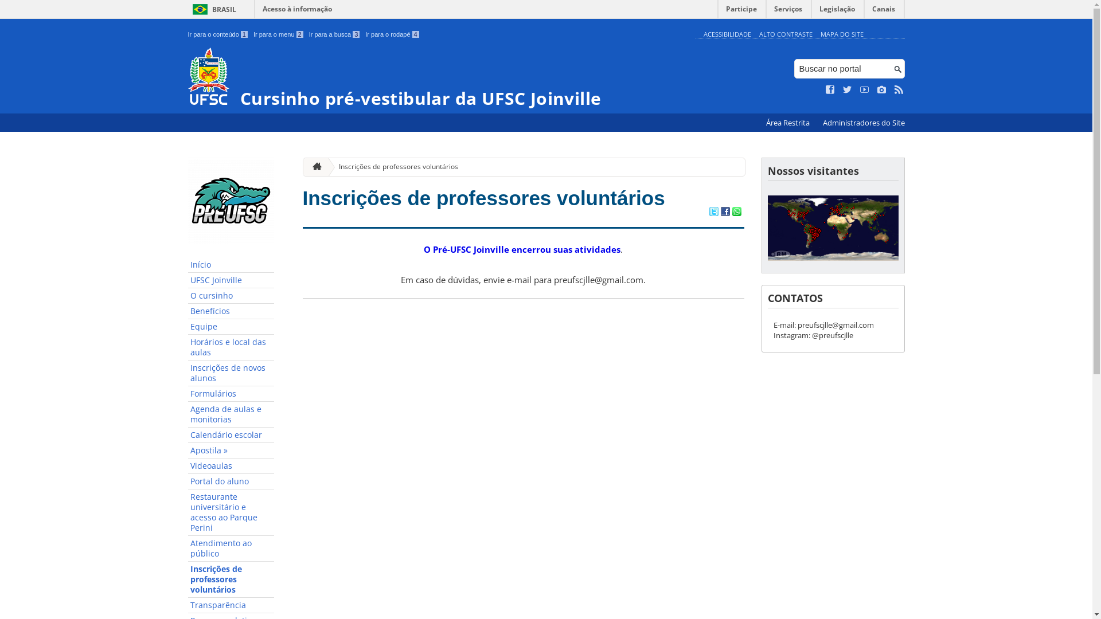  What do you see at coordinates (231, 414) in the screenshot?
I see `'Agenda de aulas e monitorias'` at bounding box center [231, 414].